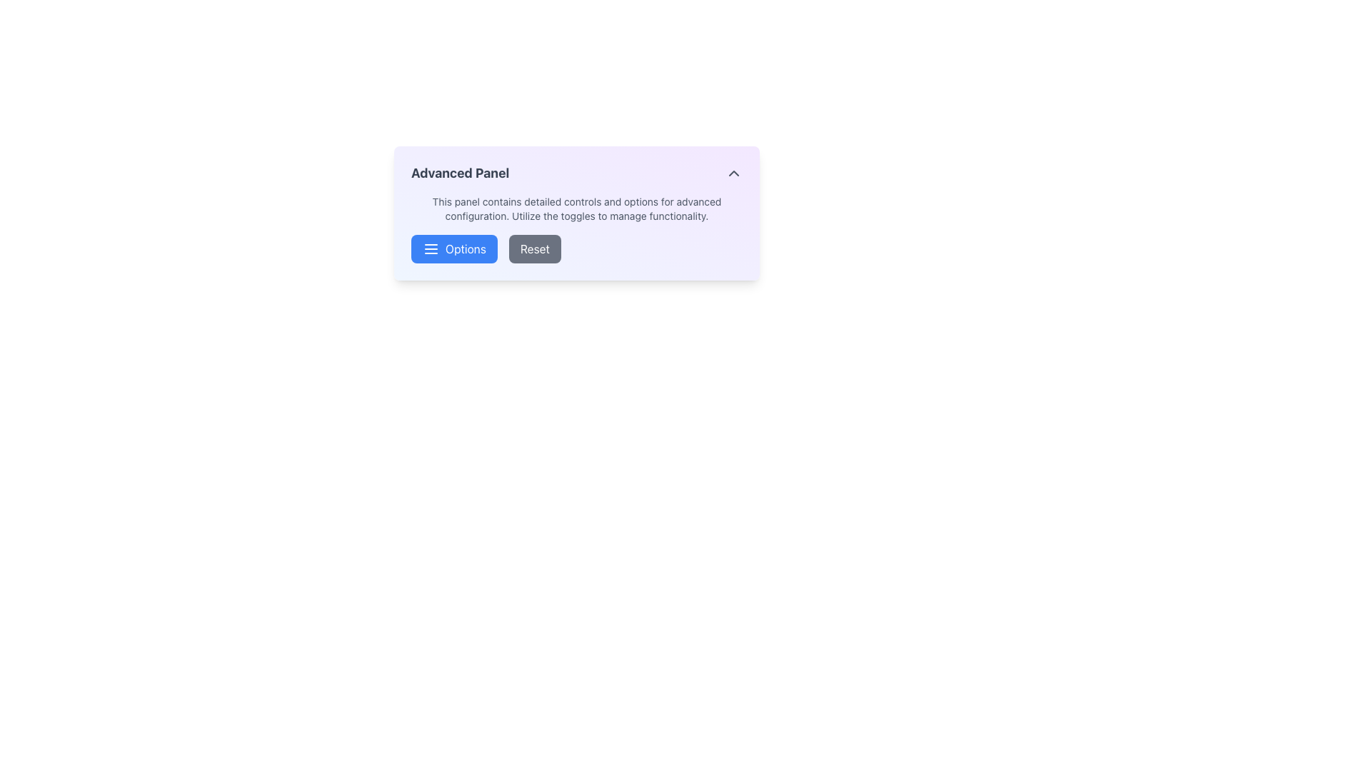 Image resolution: width=1371 pixels, height=771 pixels. What do you see at coordinates (576, 213) in the screenshot?
I see `descriptive text from the 'Advanced Panel' which contains detailed descriptions and settings related to advanced configurations` at bounding box center [576, 213].